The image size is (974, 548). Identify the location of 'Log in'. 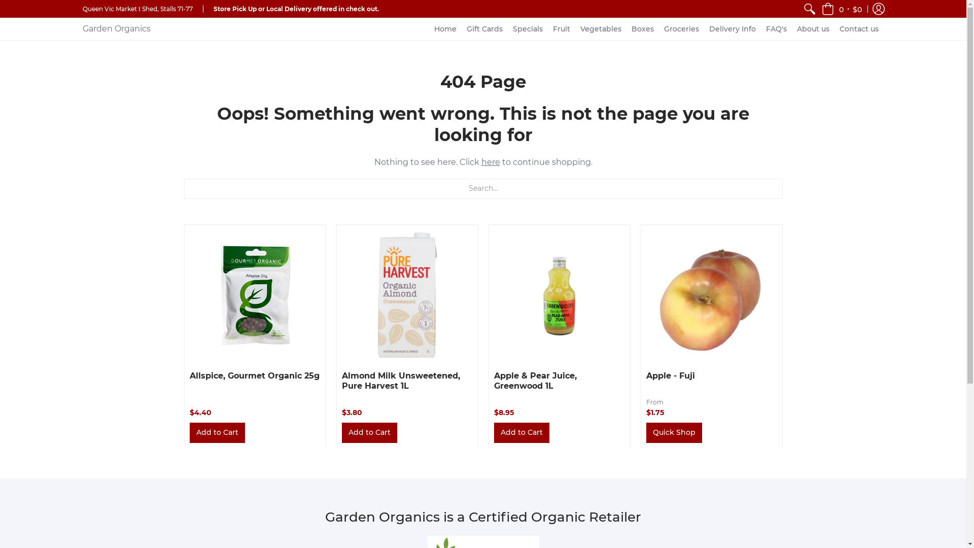
(878, 9).